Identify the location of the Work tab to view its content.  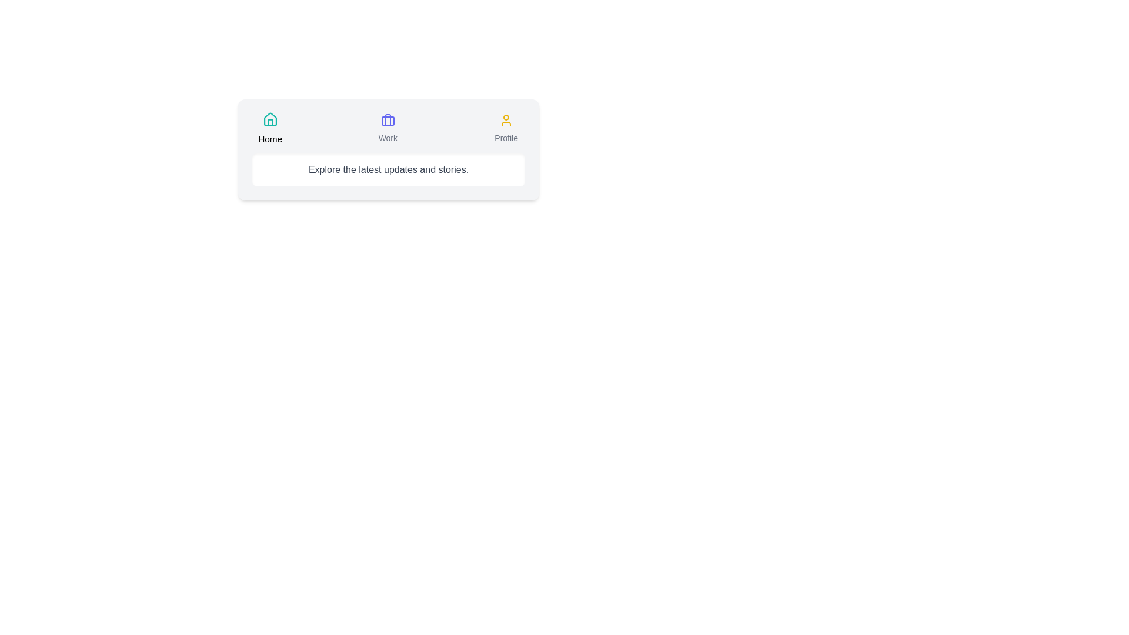
(388, 129).